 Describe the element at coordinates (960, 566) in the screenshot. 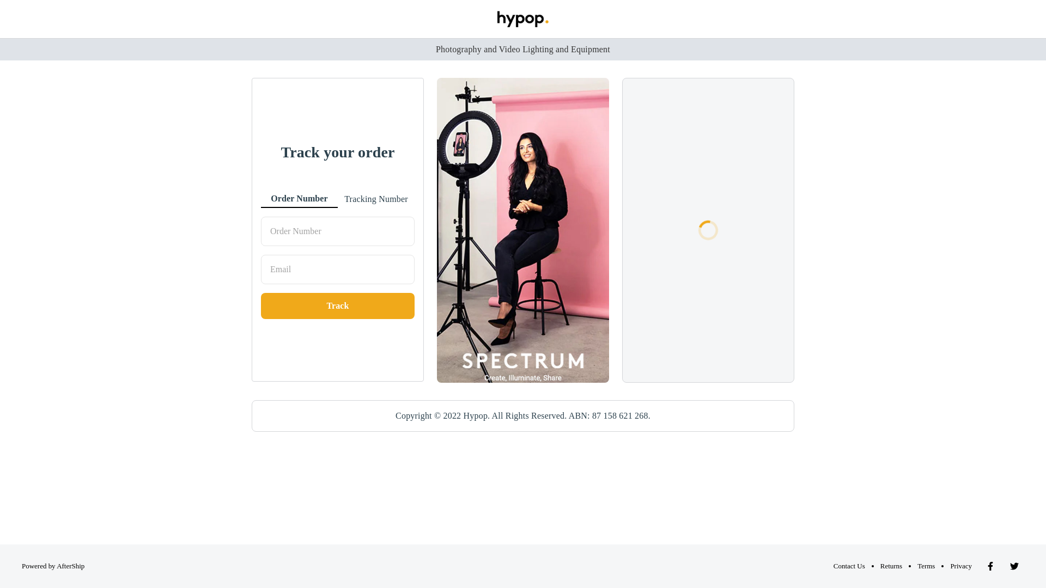

I see `'Privacy'` at that location.